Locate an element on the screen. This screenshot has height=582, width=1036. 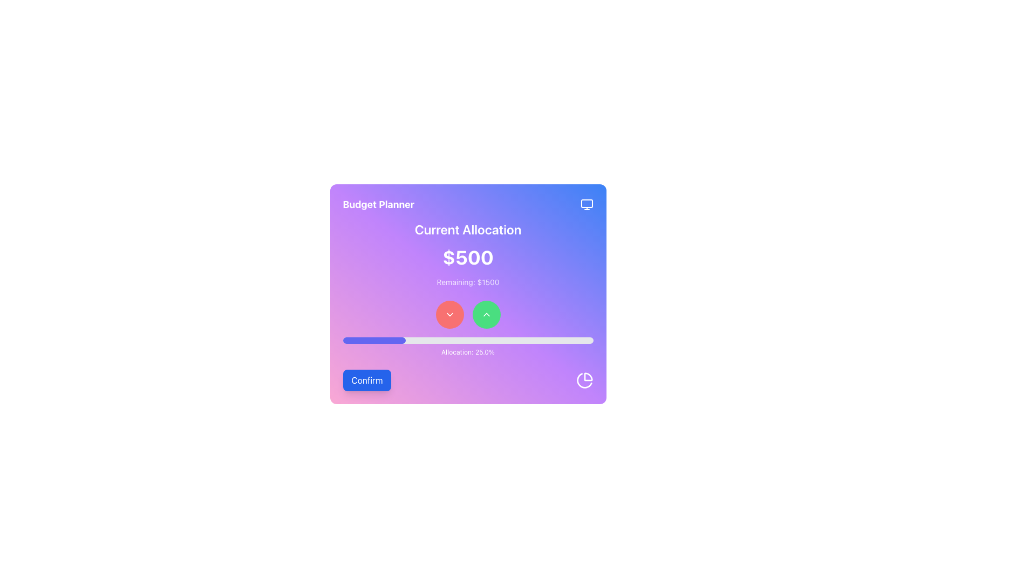
the upward chevron icon button, which is centrally located within a green circular button is located at coordinates (486, 314).